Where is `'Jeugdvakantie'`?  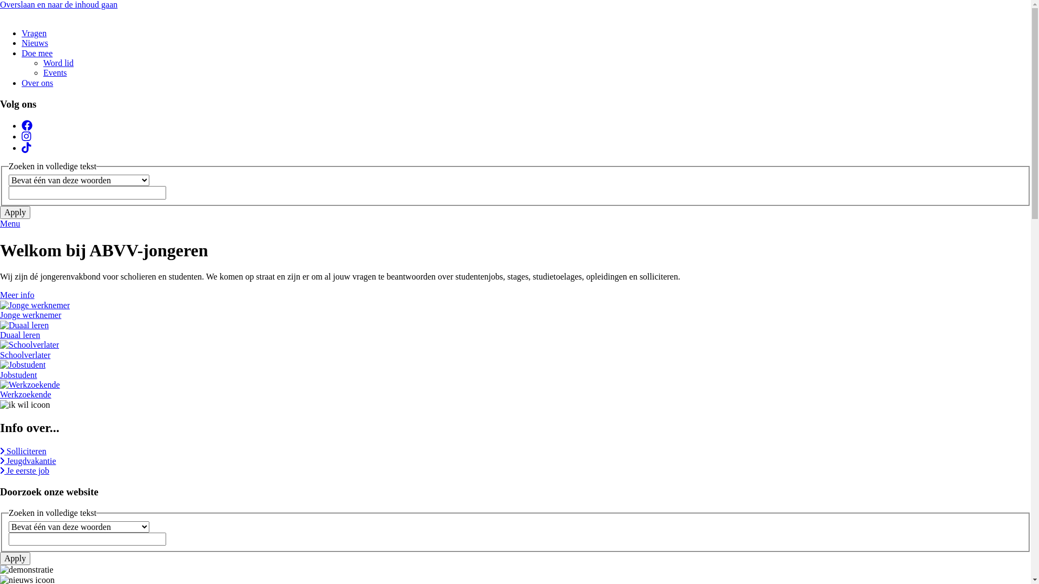 'Jeugdvakantie' is located at coordinates (28, 461).